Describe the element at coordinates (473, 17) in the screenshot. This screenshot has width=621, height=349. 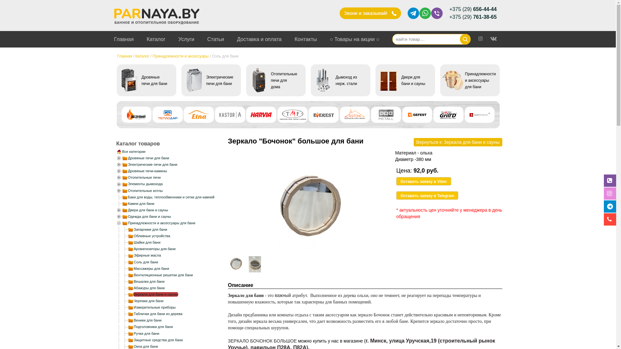
I see `'+375 (29) 761-38-65'` at that location.